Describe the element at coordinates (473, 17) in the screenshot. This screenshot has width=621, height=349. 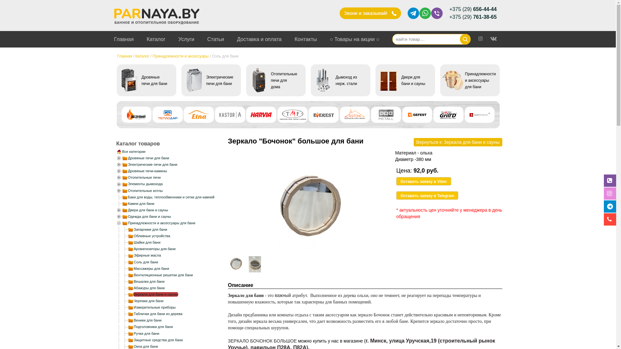
I see `'+375 (29) 761-38-65'` at that location.